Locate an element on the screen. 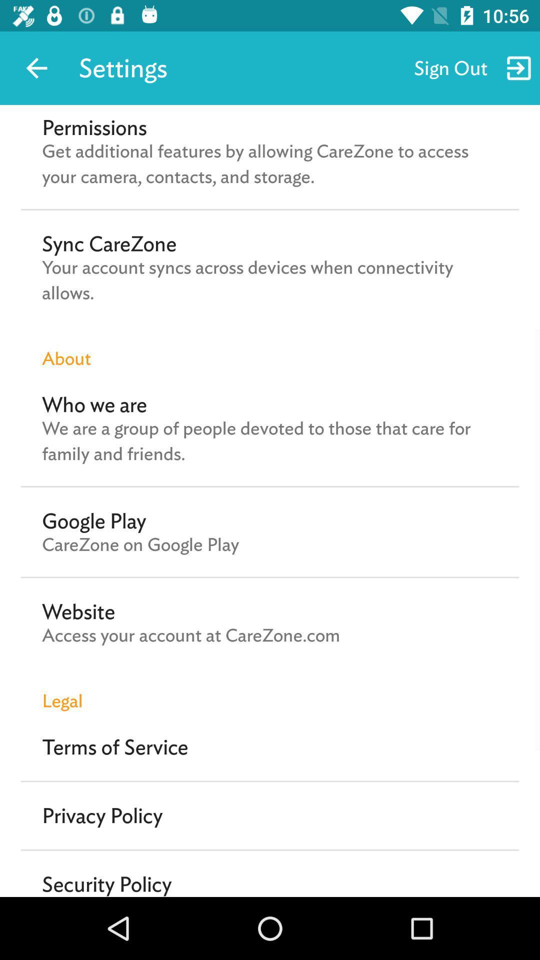 This screenshot has width=540, height=960. the terms of service item is located at coordinates (114, 747).